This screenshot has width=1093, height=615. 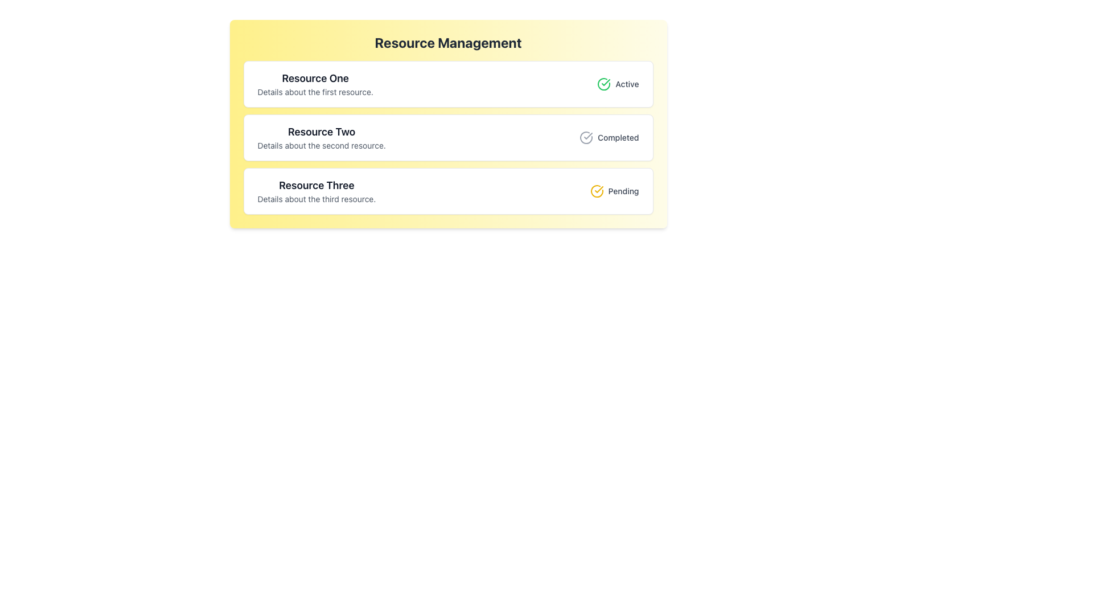 I want to click on the 'Pending' status icon located in the bottom-right section of the third row labeled 'Resource Three', so click(x=596, y=190).